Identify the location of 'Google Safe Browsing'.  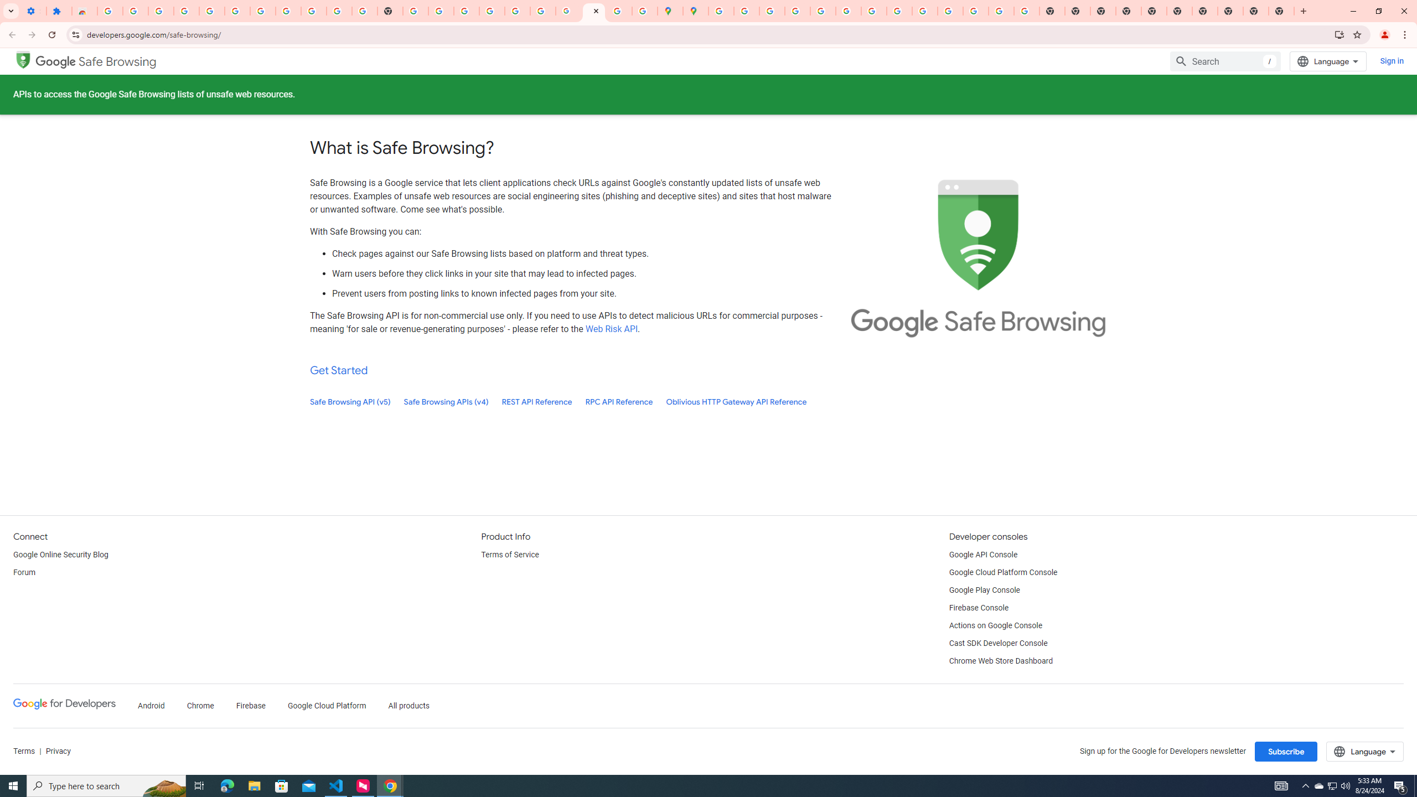
(96, 61).